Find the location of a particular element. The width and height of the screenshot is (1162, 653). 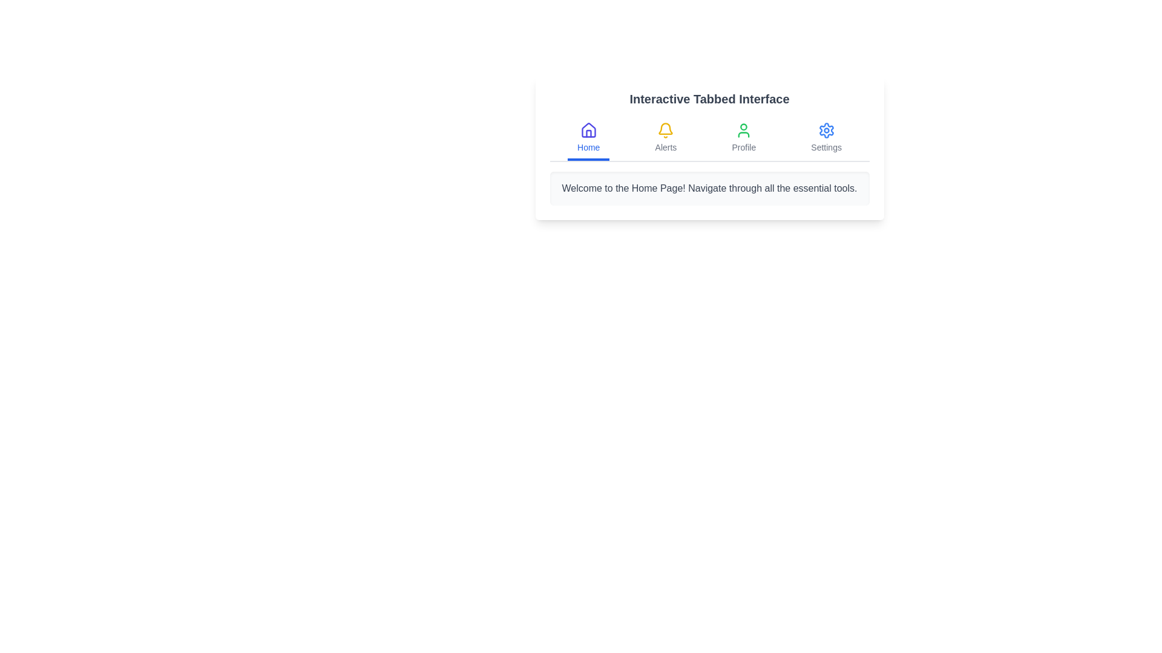

the Home tab to inspect its content is located at coordinates (588, 138).